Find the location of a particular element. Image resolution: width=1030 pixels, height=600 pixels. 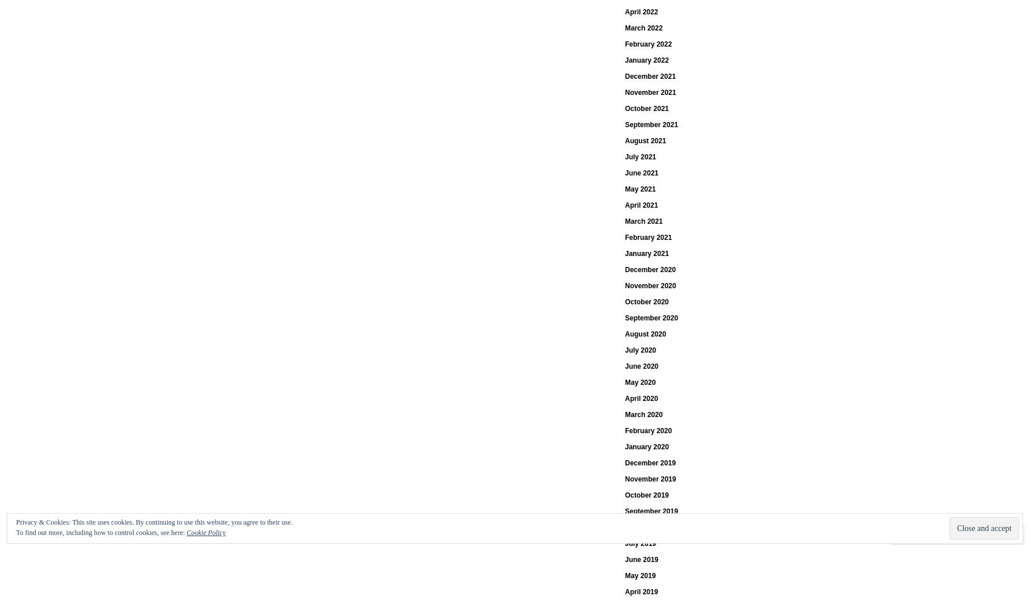

'July 2020' is located at coordinates (640, 350).